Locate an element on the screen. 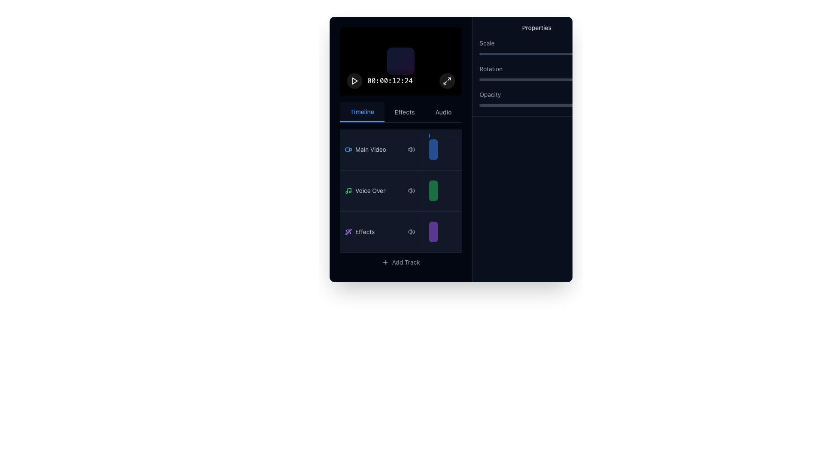  text displayed on the 'Add Track' static label, which is part of a button-like component associated with a '+' icon is located at coordinates (406, 262).